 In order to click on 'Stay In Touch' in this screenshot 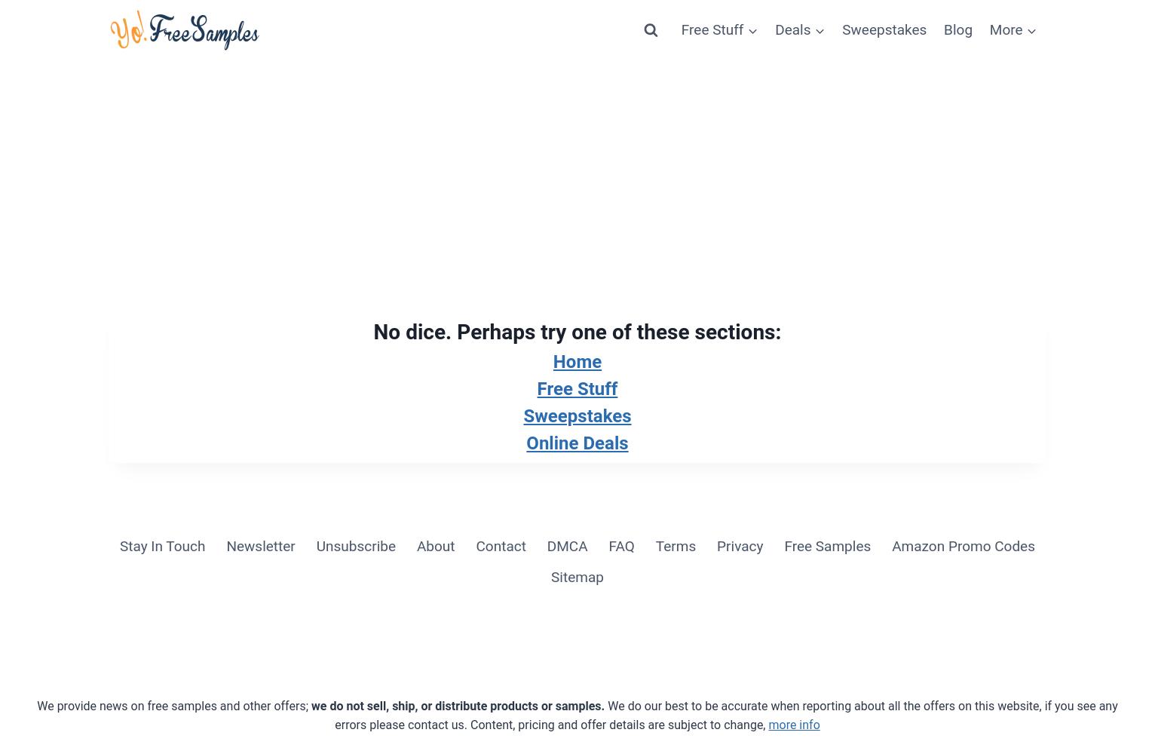, I will do `click(161, 544)`.